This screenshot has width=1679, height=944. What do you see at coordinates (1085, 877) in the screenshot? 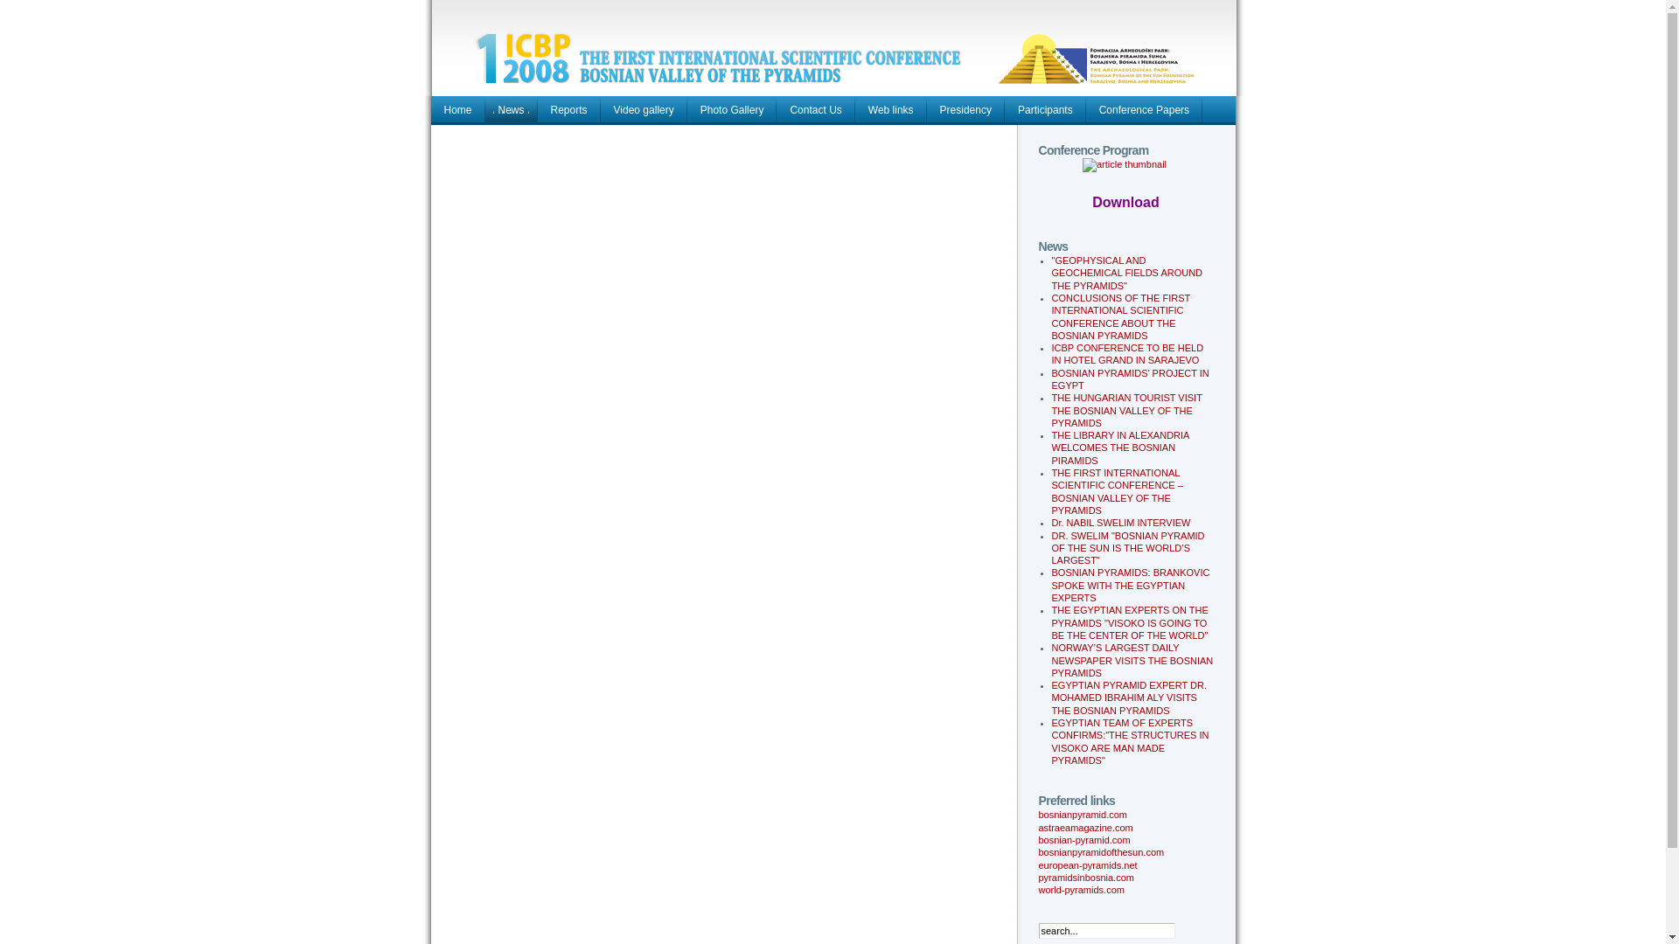
I see `'pyramidsinbosnia.com'` at bounding box center [1085, 877].